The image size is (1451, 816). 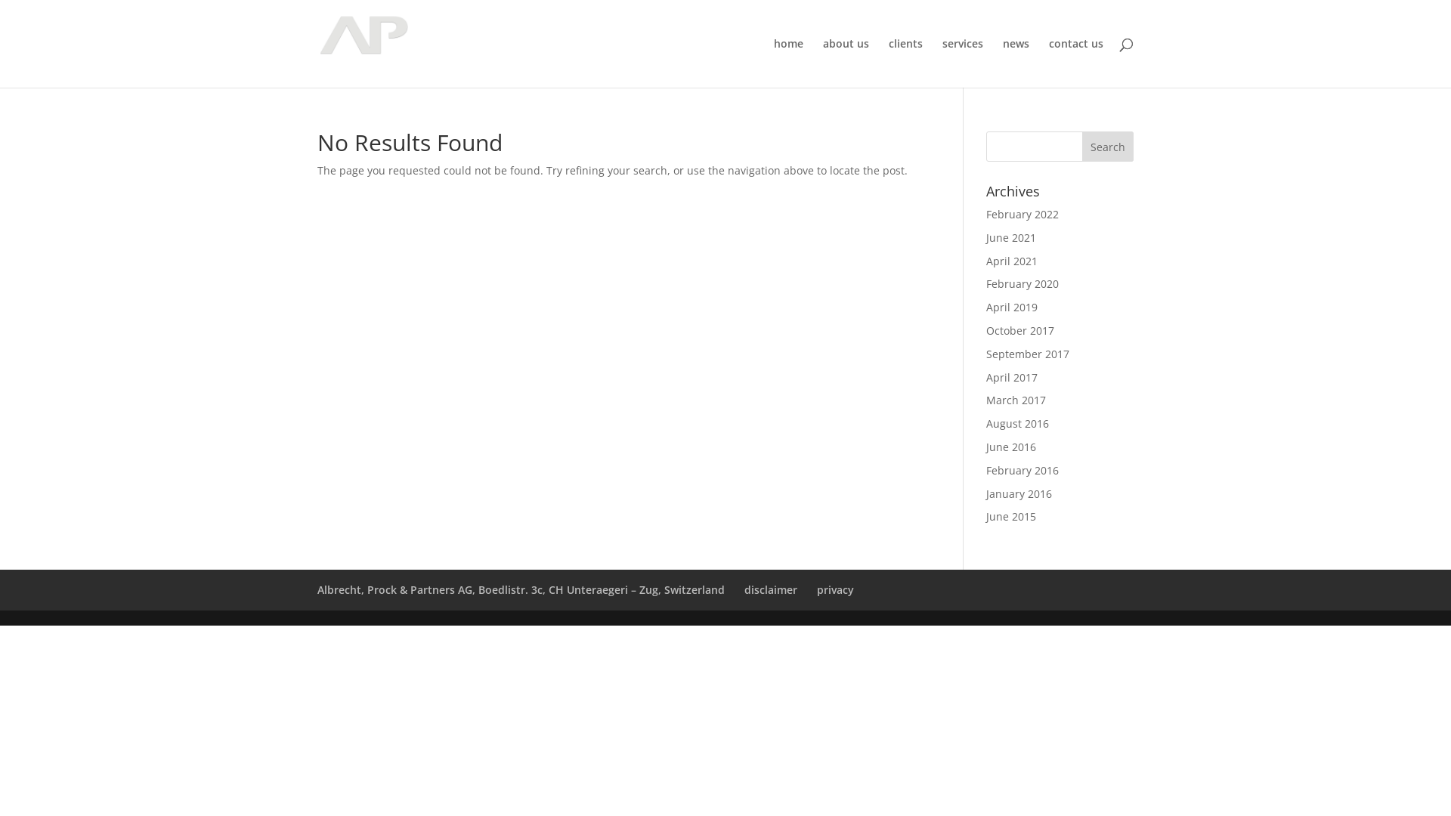 I want to click on 'privacy', so click(x=815, y=589).